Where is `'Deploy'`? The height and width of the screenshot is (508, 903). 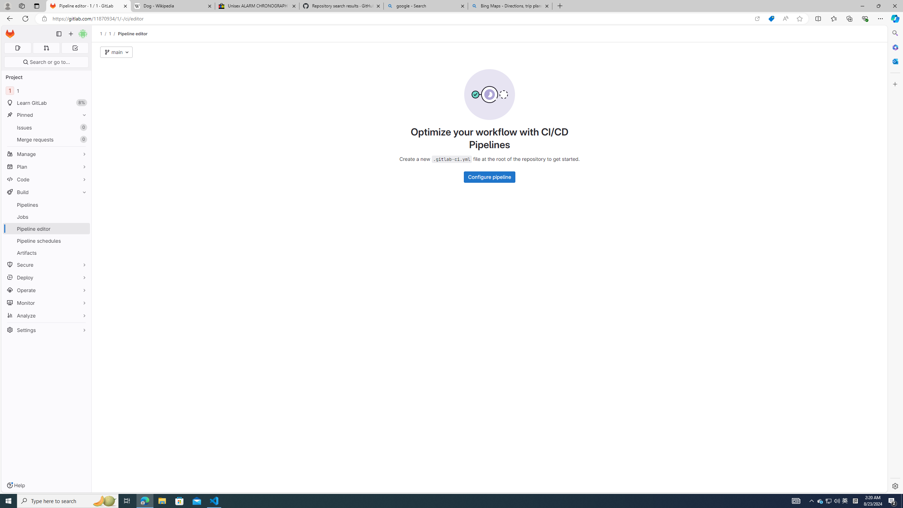
'Deploy' is located at coordinates (46, 277).